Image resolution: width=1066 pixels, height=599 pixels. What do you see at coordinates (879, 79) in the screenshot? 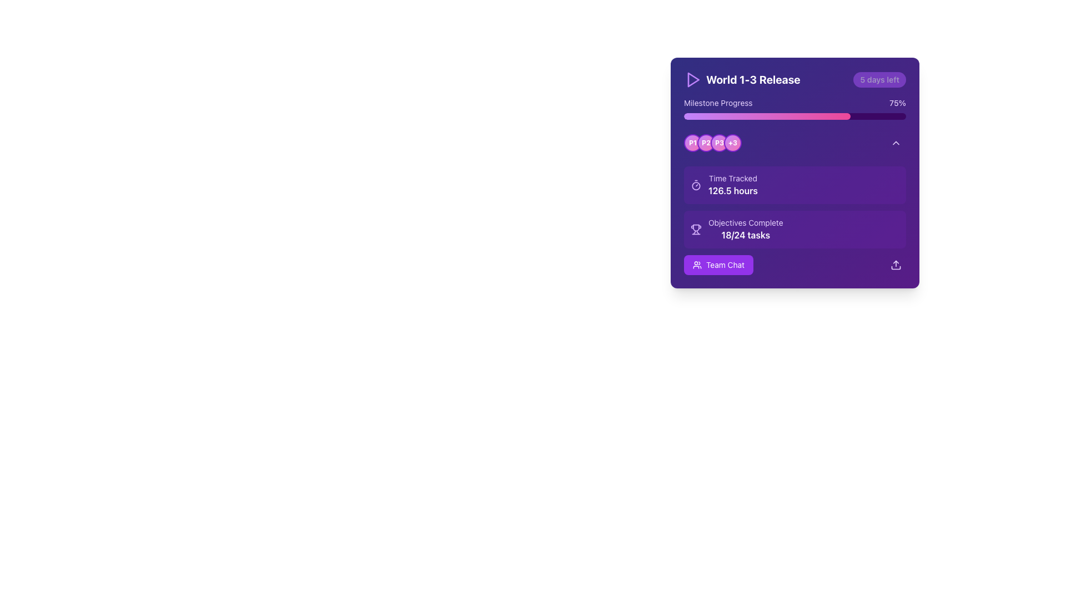
I see `the vibrant purple label that indicates '5 days left', which is located at the upper-right corner of the dashboard widget titled 'World 1-3 Release'` at bounding box center [879, 79].